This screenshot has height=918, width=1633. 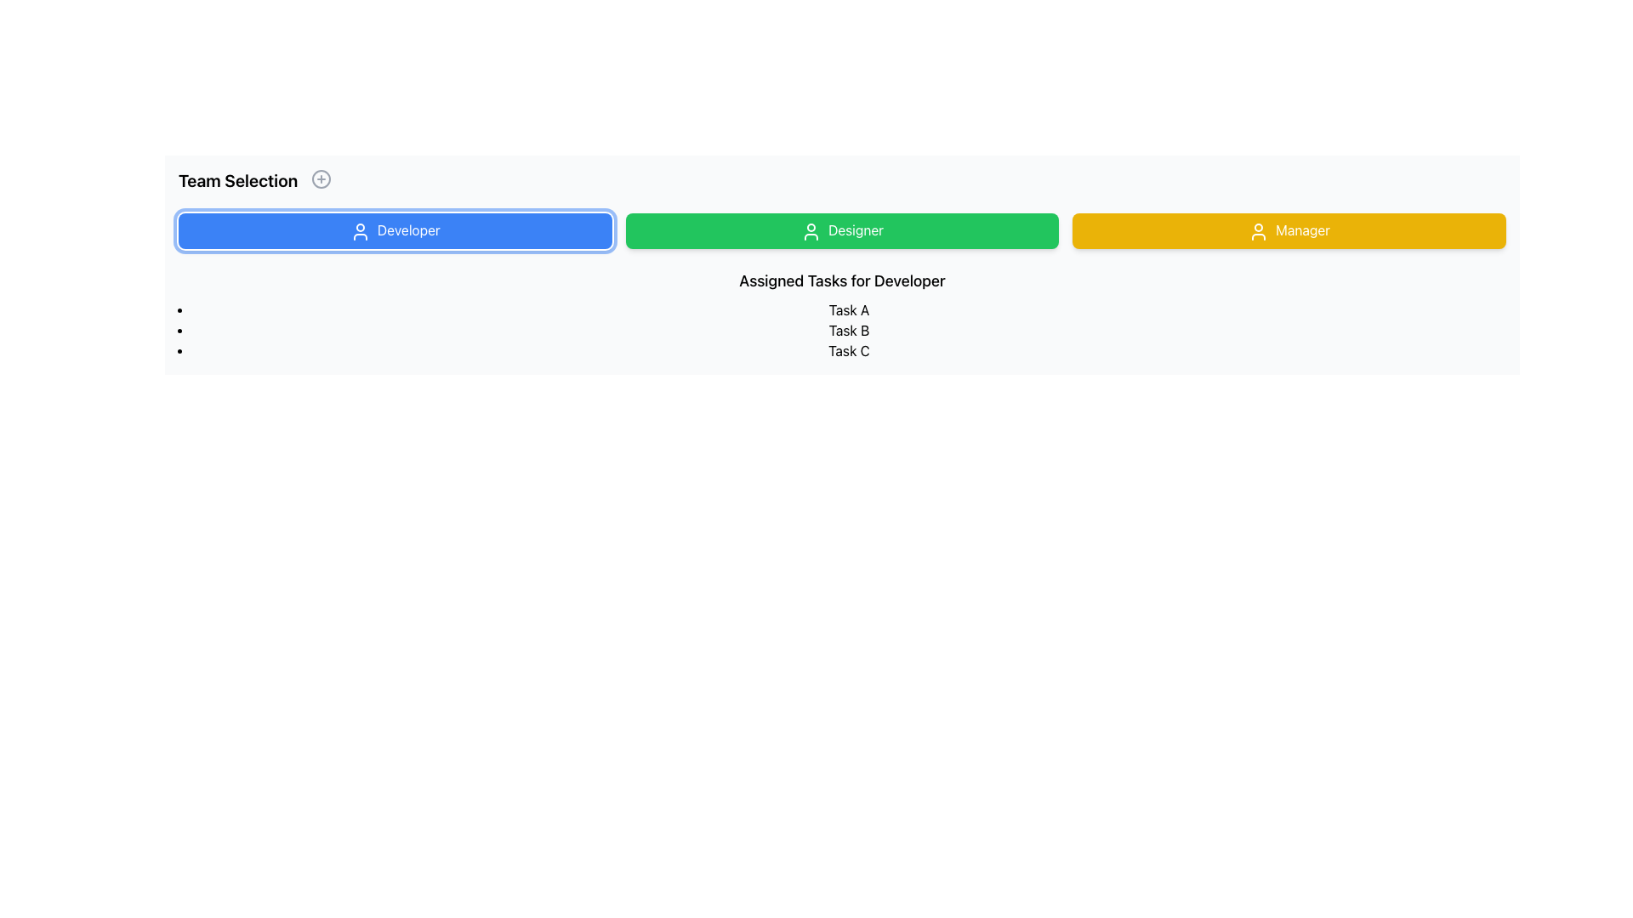 I want to click on the circular SVG element with a defined stroke and no fill, located to the right of the text 'Team Selection', so click(x=321, y=179).